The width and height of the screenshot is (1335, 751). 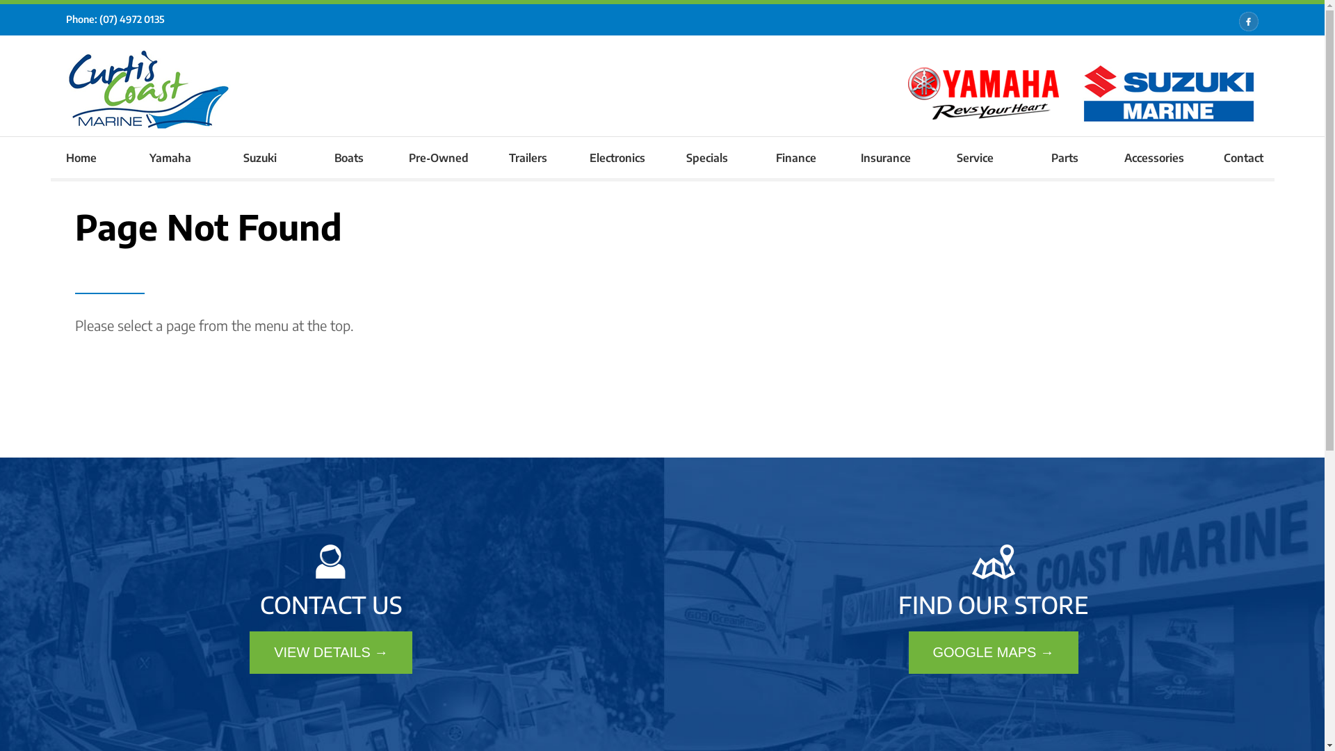 What do you see at coordinates (1243, 156) in the screenshot?
I see `'Contact'` at bounding box center [1243, 156].